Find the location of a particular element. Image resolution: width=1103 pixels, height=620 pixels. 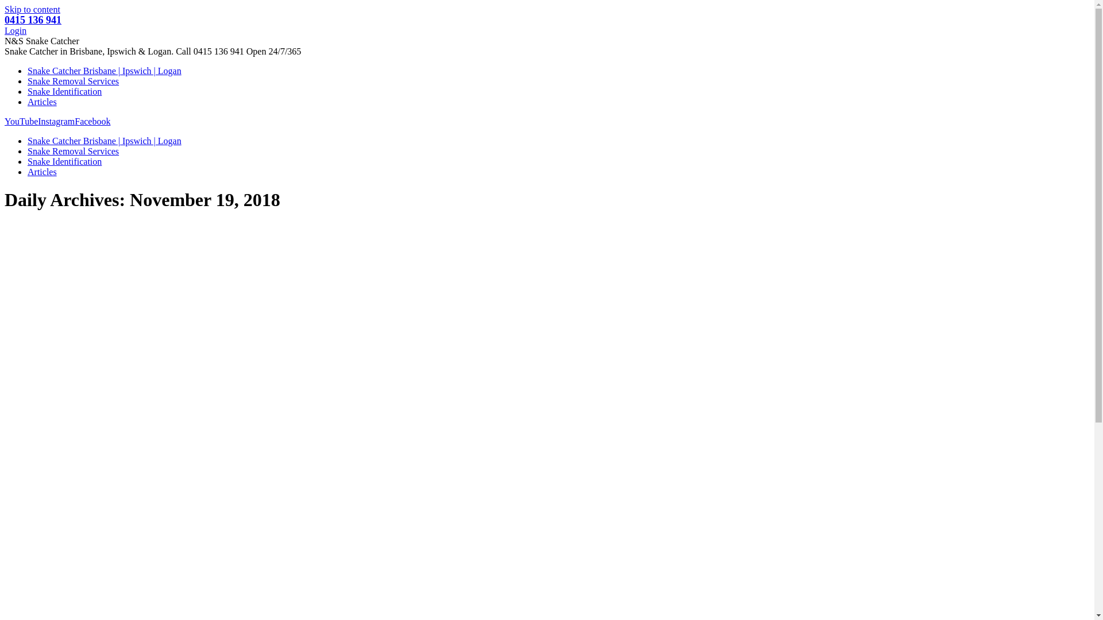

'Snake Identification' is located at coordinates (28, 161).